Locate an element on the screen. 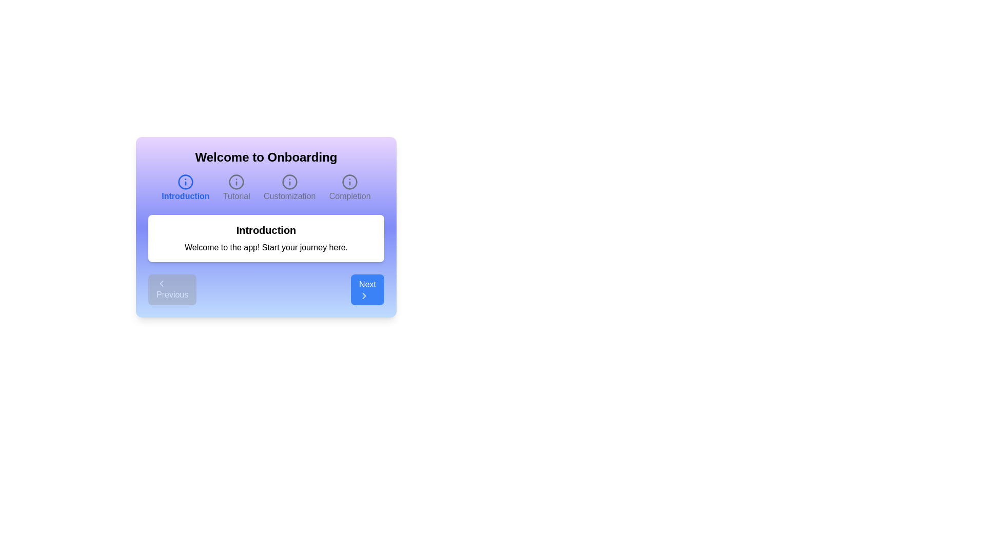  a stage in the horizontal navigation bar with progress indicators is located at coordinates (266, 188).